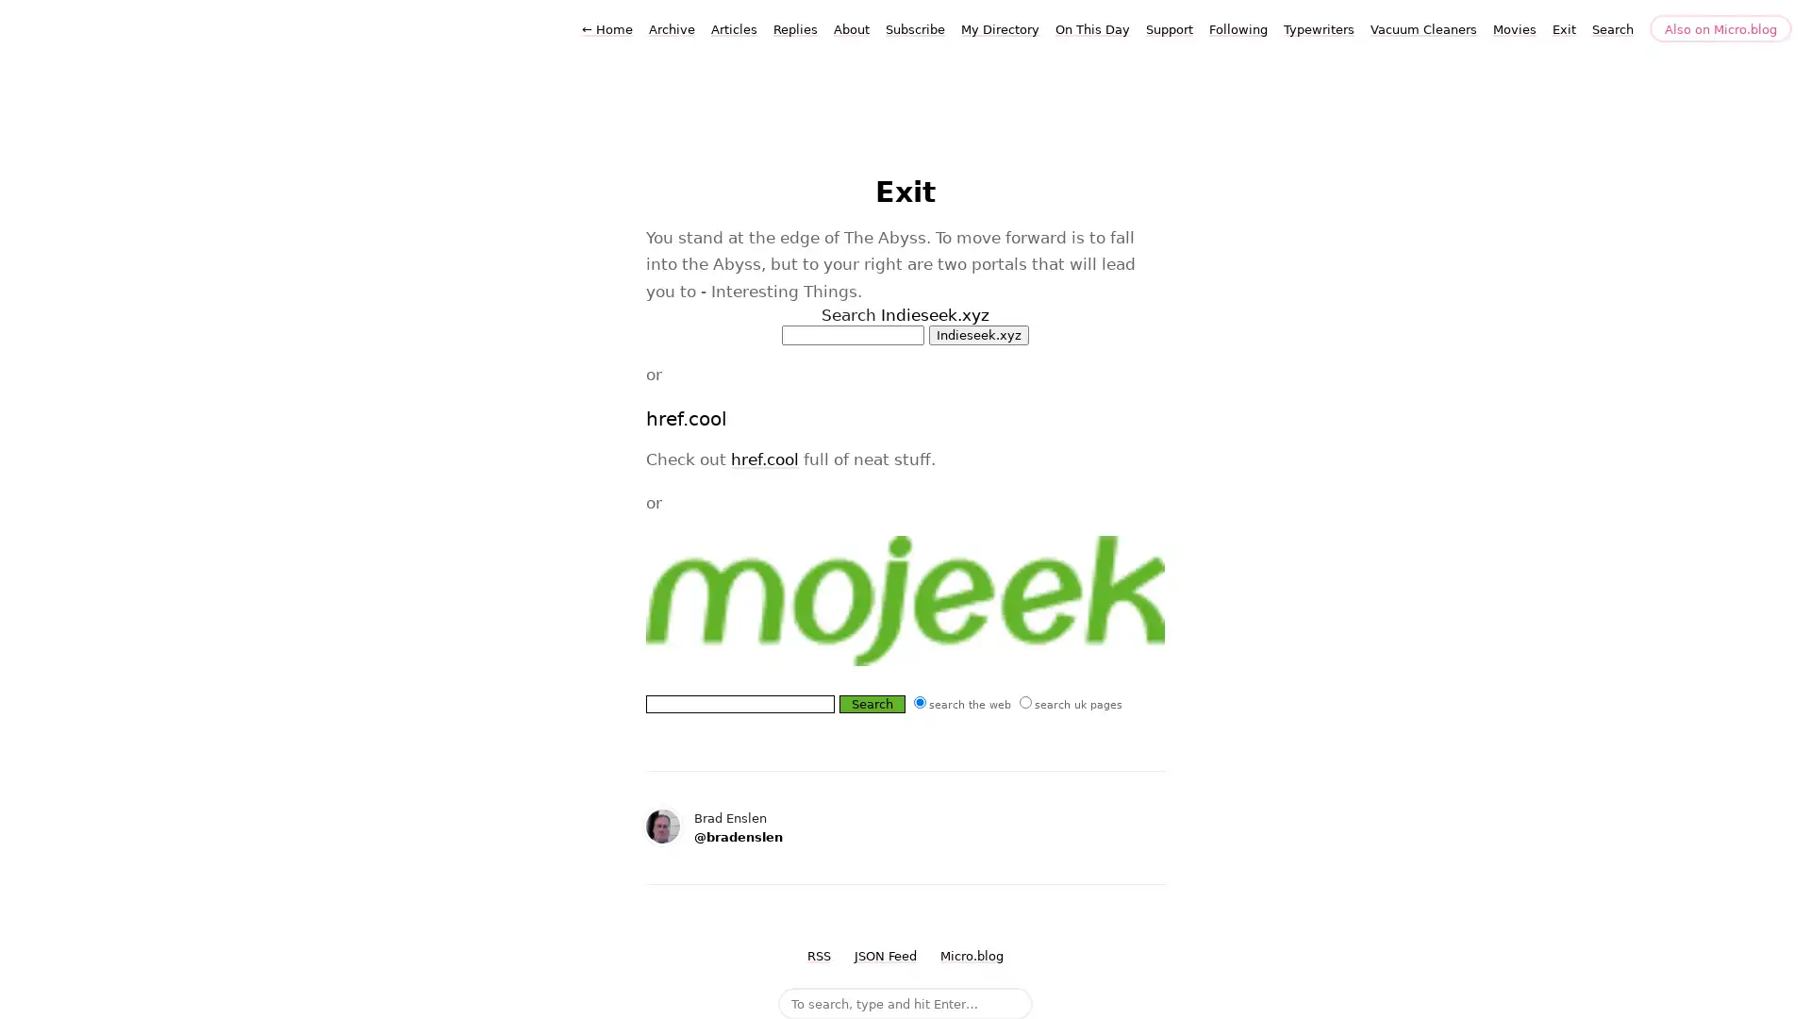 Image resolution: width=1811 pixels, height=1019 pixels. I want to click on Search, so click(872, 703).